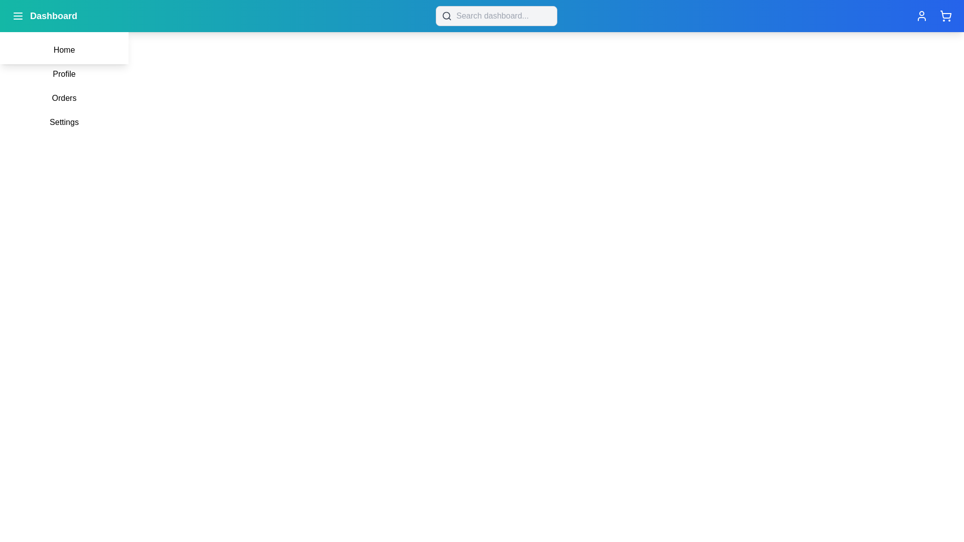  Describe the element at coordinates (64, 121) in the screenshot. I see `the fourth menu button that navigates to the 'Settings' page` at that location.